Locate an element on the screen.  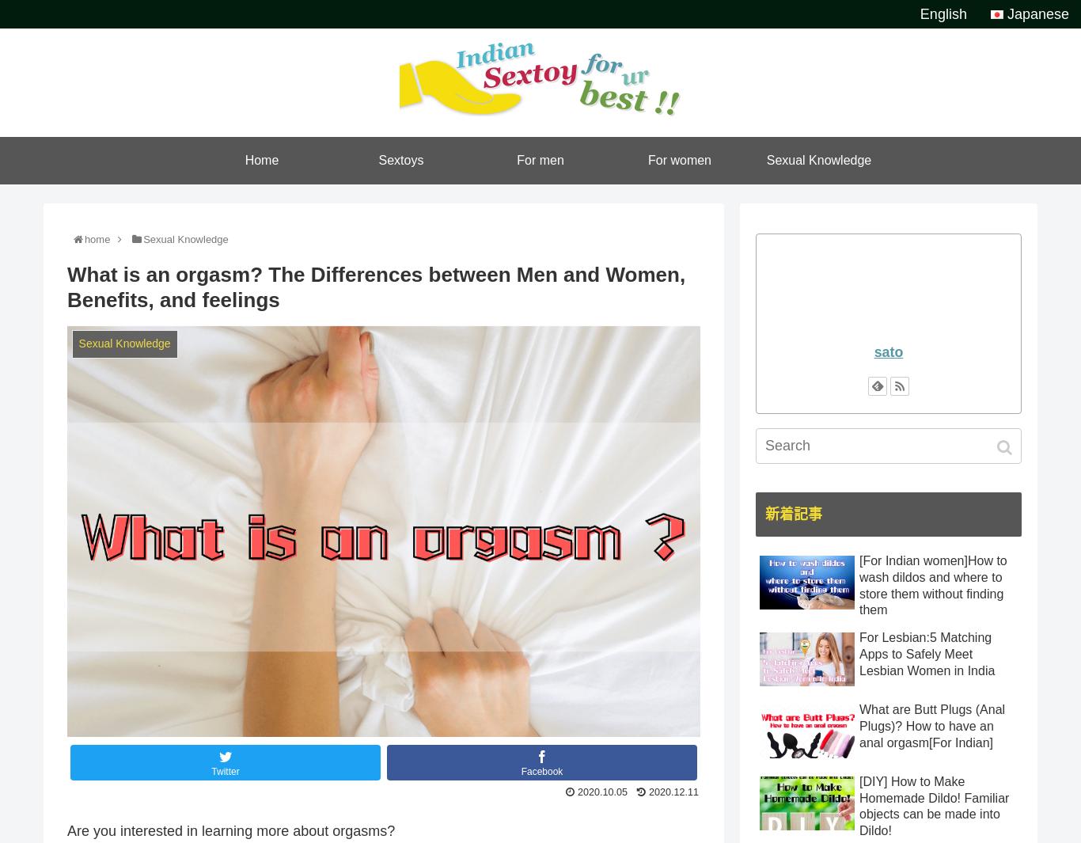
'home' is located at coordinates (96, 238).